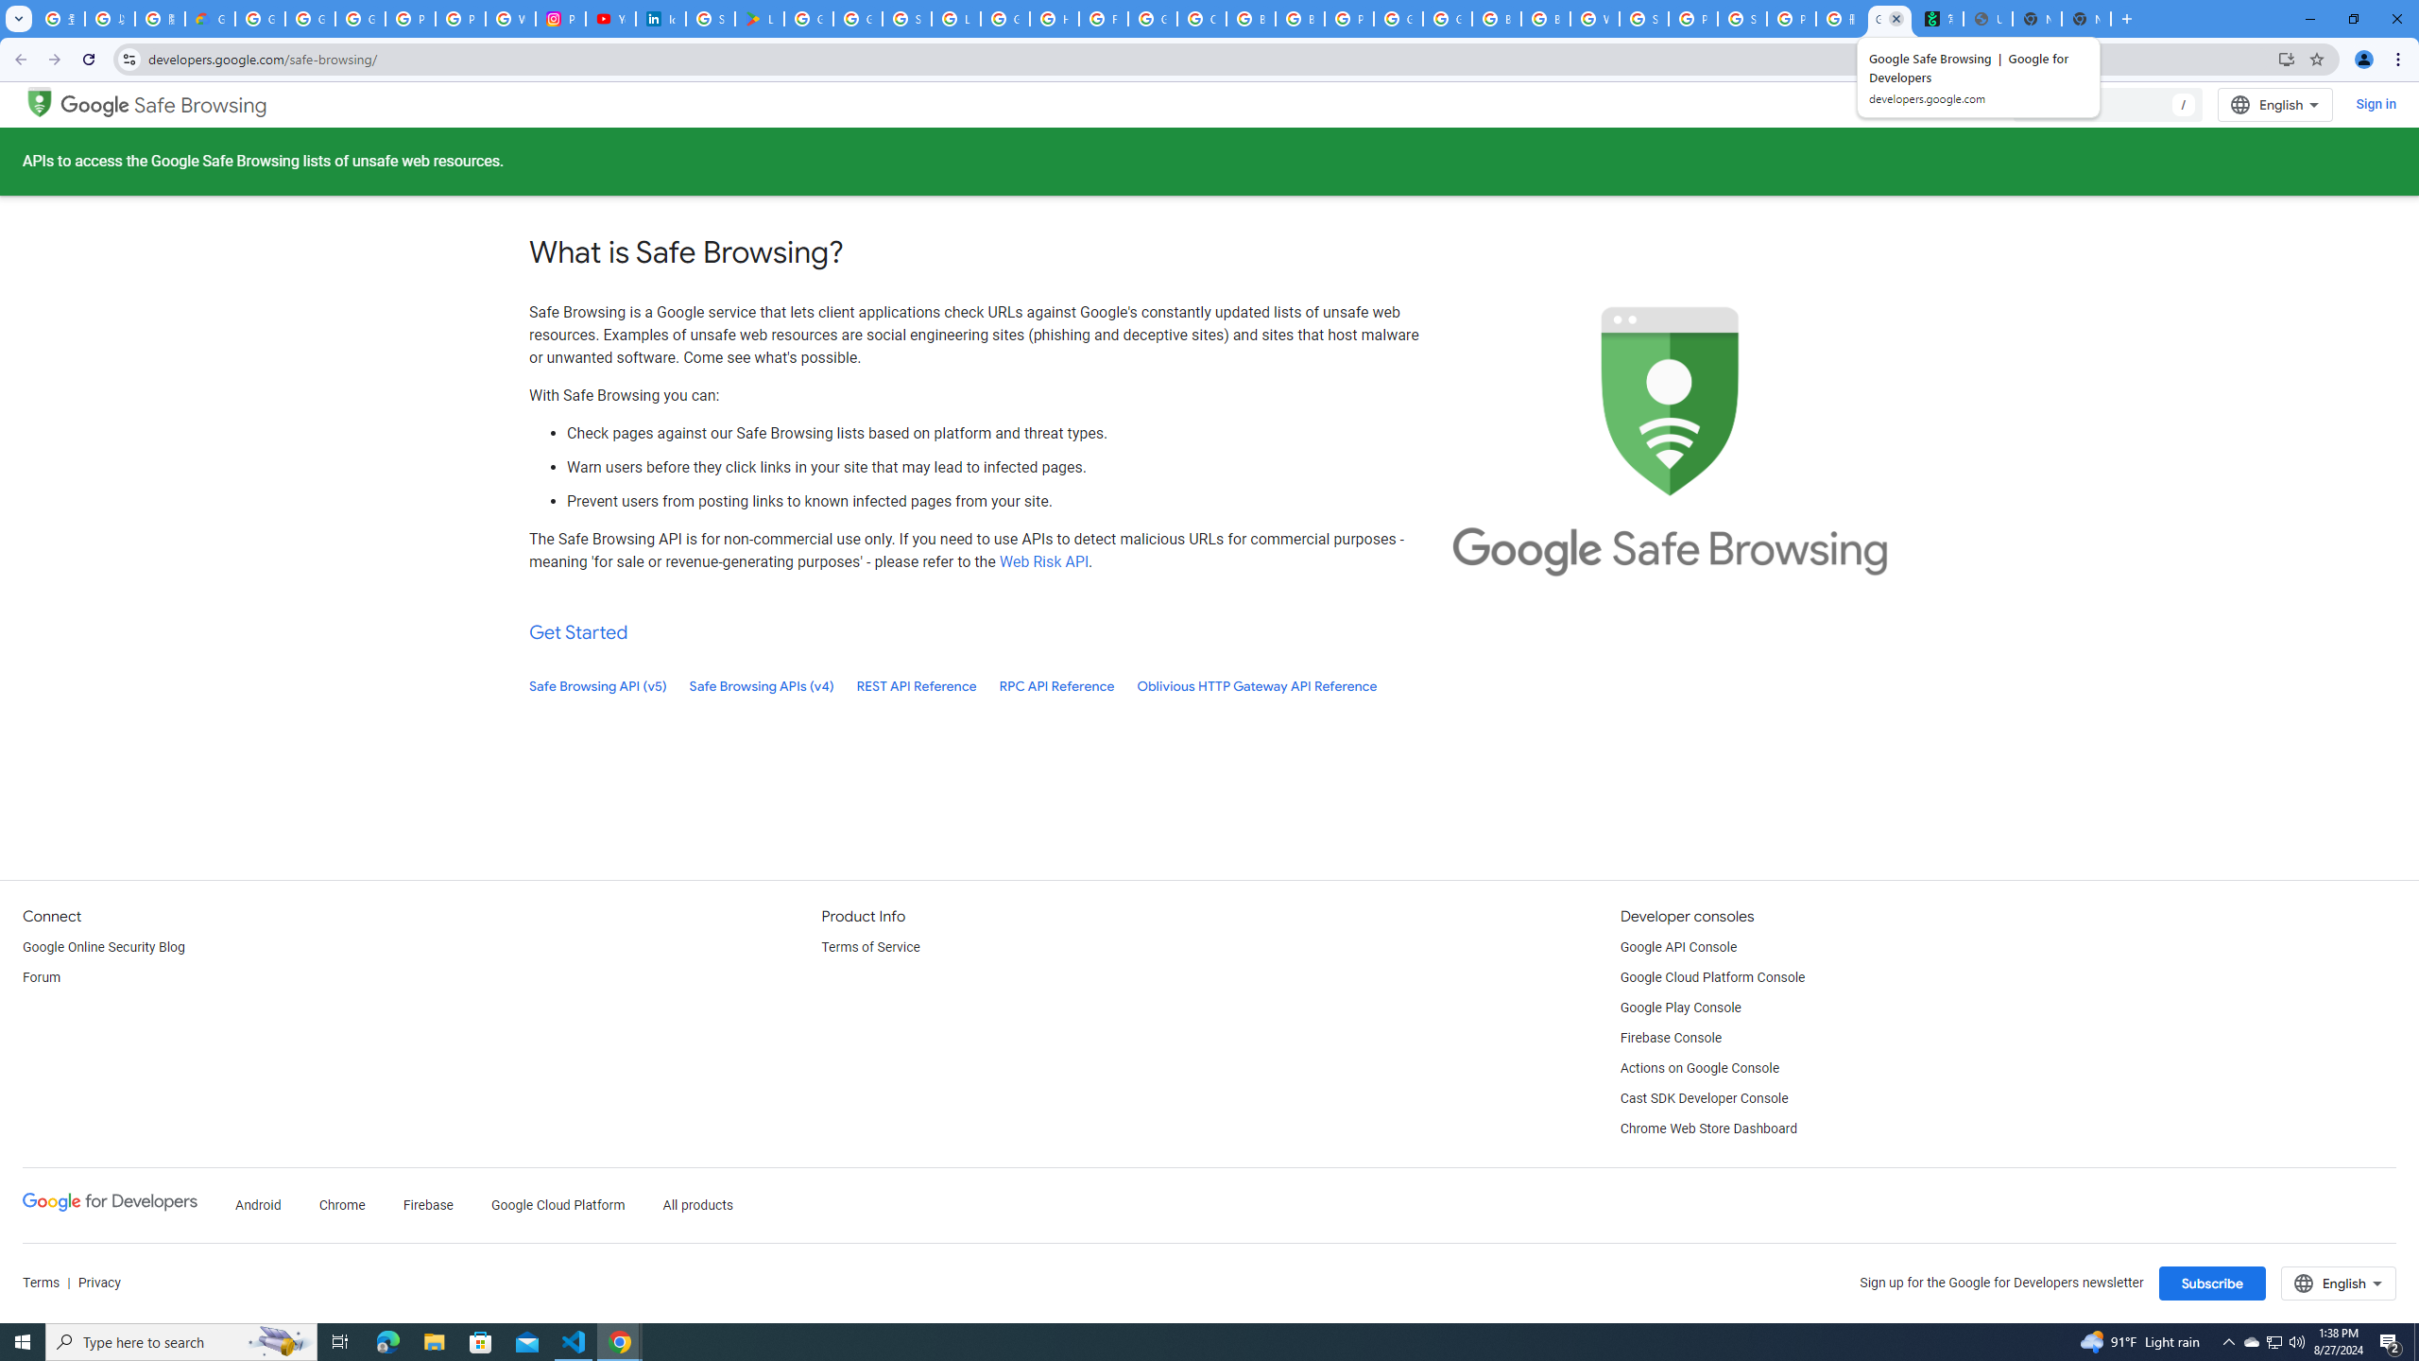 The height and width of the screenshot is (1361, 2419). Describe the element at coordinates (597, 685) in the screenshot. I see `'Safe Browsing API (v5)'` at that location.